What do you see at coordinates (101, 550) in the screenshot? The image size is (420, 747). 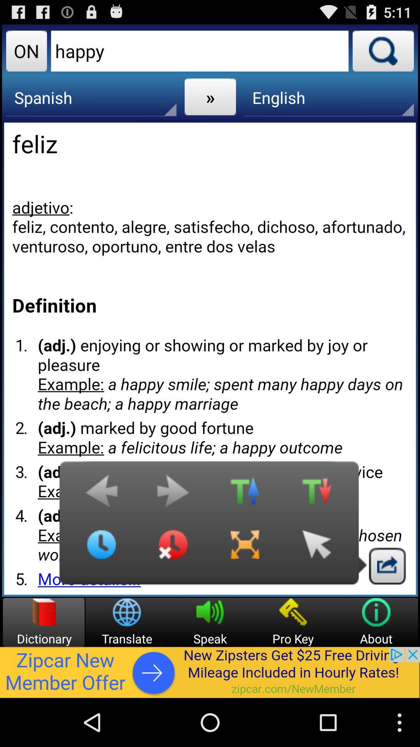 I see `time seting` at bounding box center [101, 550].